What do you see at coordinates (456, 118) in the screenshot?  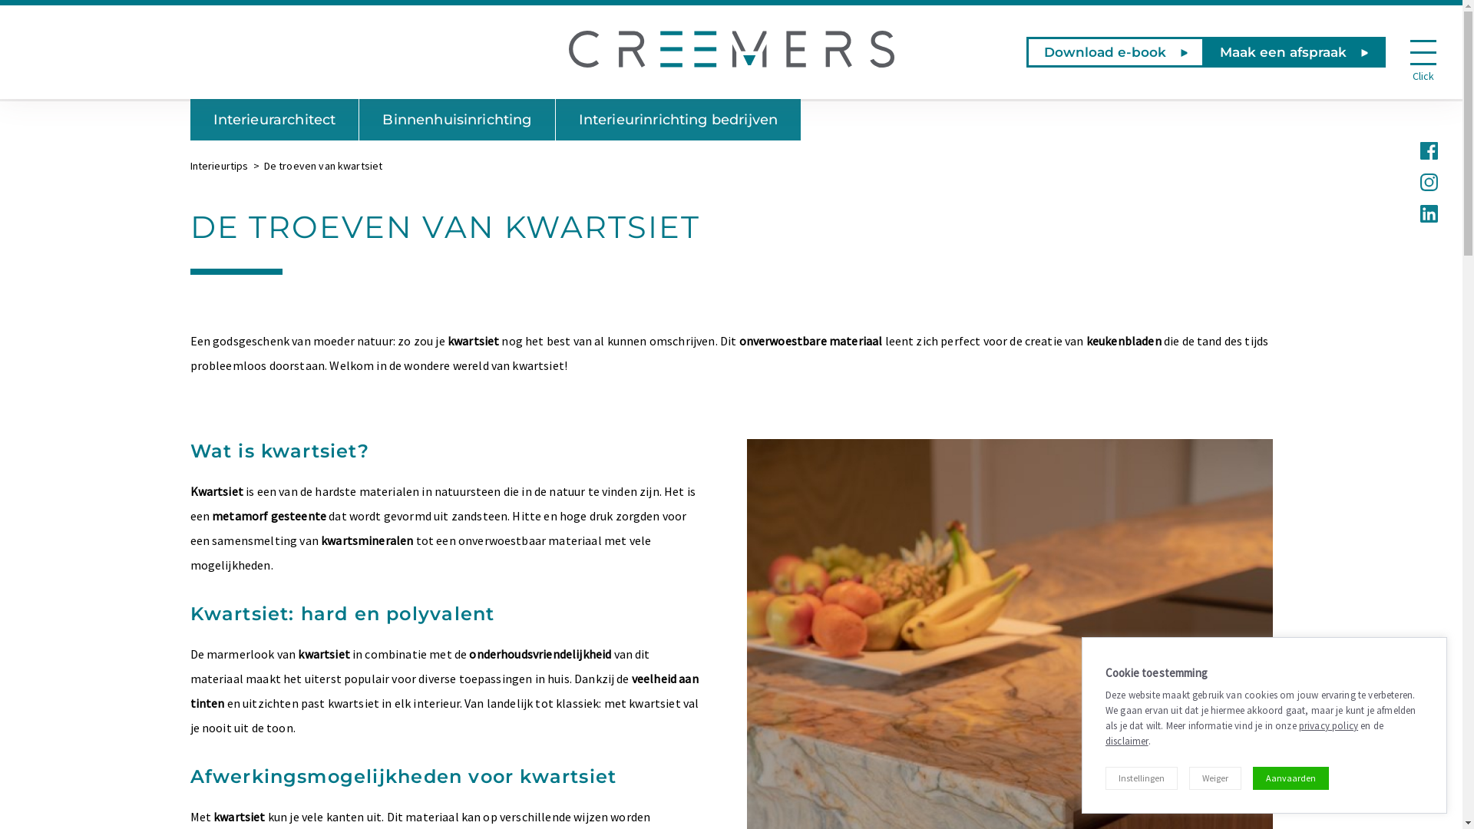 I see `'Binnenhuisinrichting'` at bounding box center [456, 118].